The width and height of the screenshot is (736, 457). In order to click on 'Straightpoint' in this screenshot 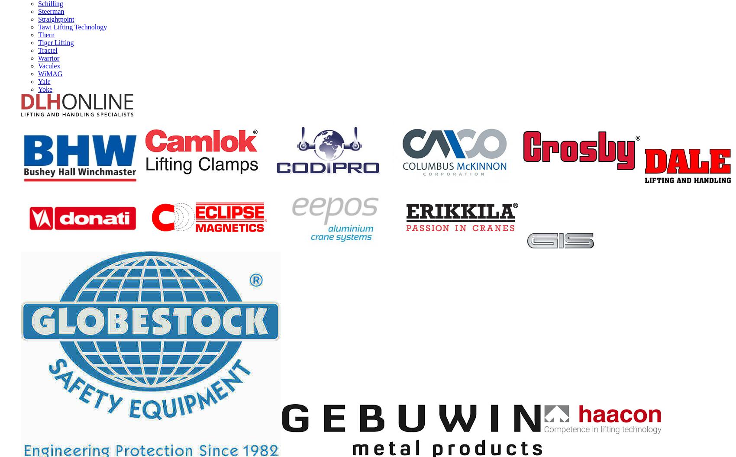, I will do `click(38, 19)`.